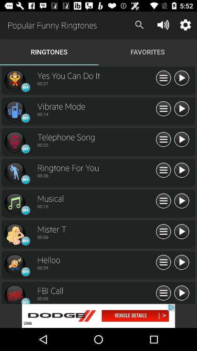 Image resolution: width=197 pixels, height=351 pixels. I want to click on vibrate mode option, so click(15, 111).